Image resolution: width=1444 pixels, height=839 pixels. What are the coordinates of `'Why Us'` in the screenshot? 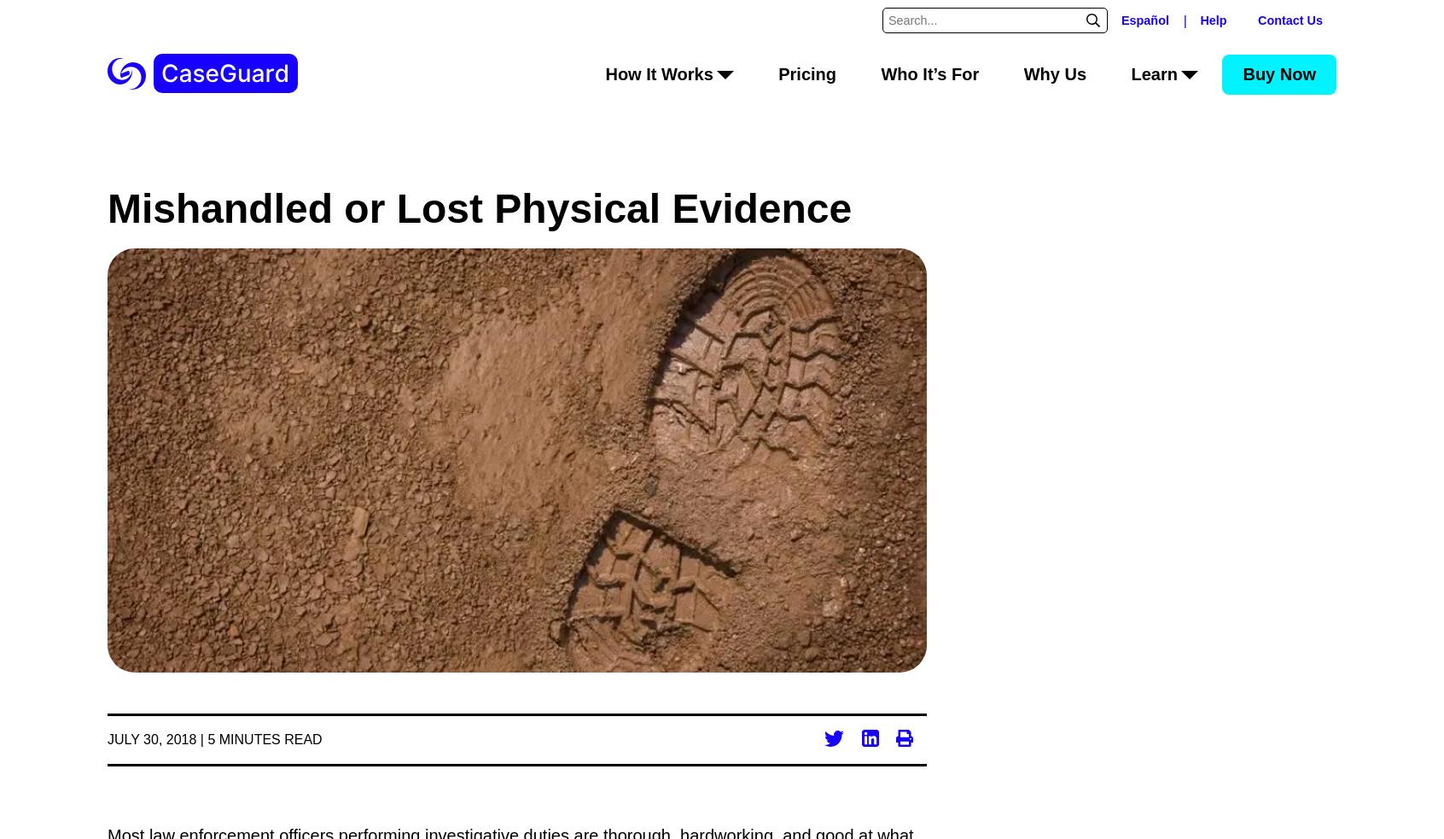 It's located at (1022, 73).